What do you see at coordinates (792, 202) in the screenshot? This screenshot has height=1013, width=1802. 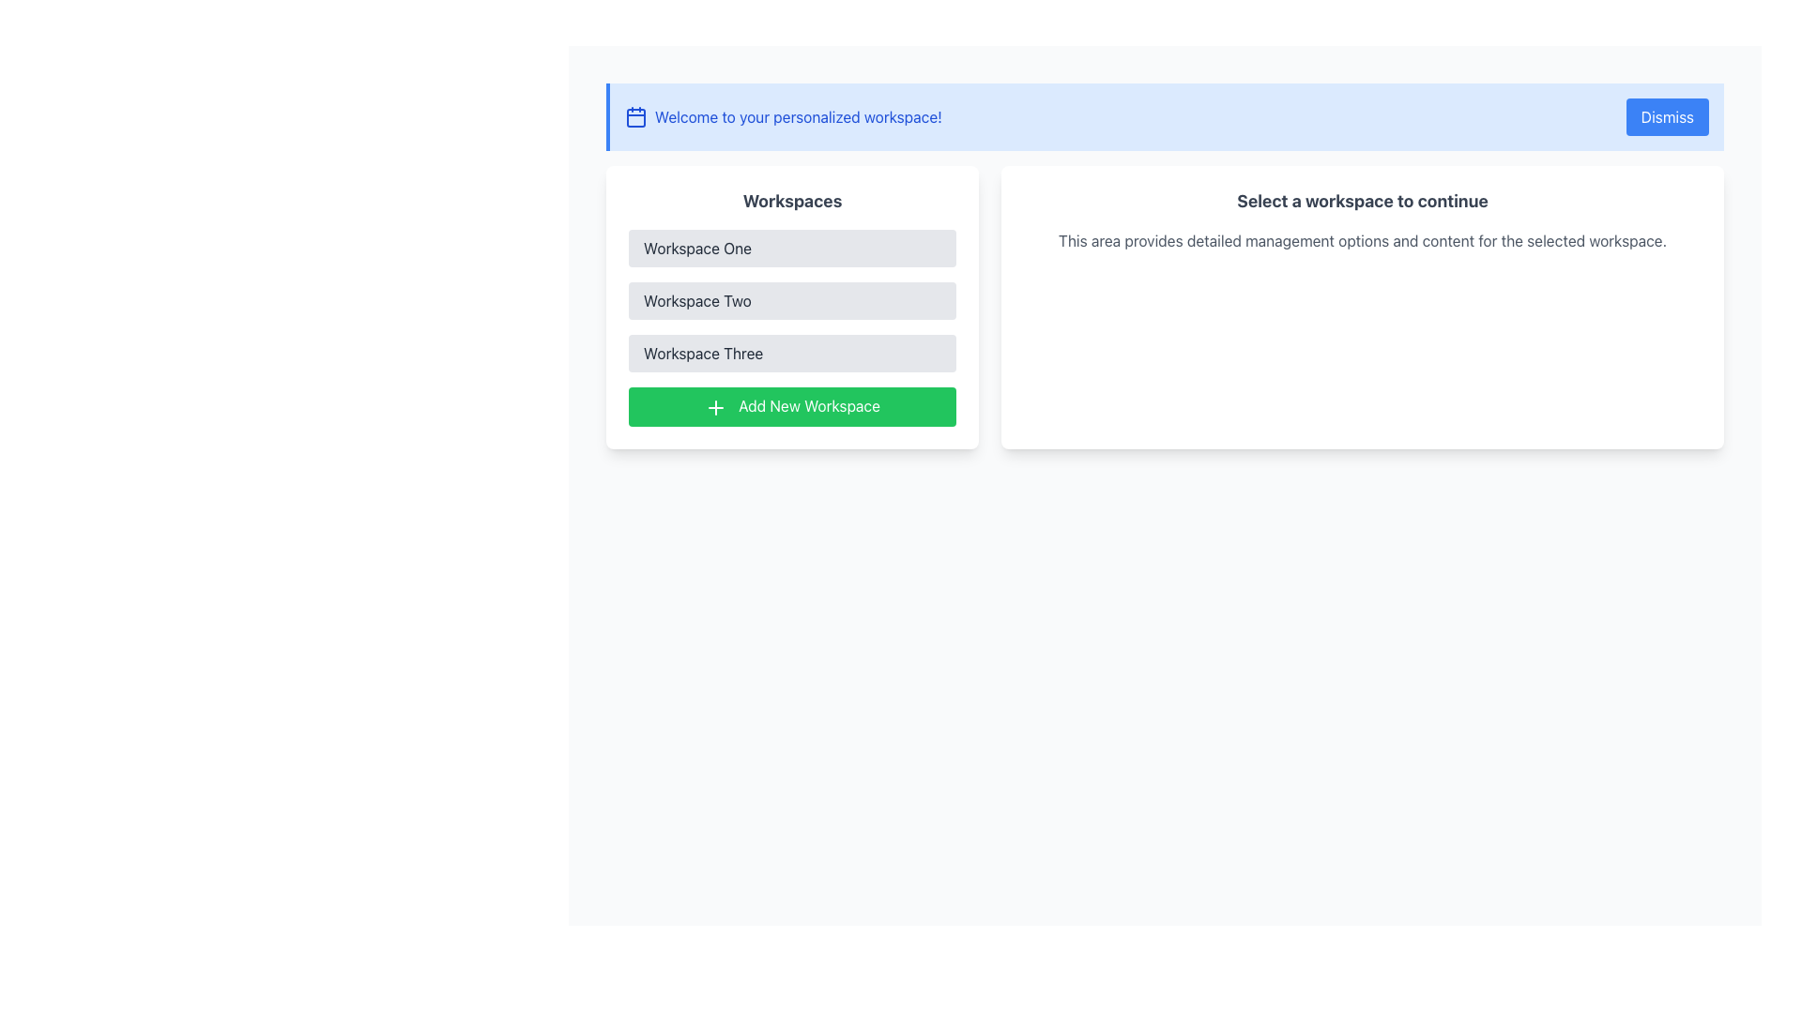 I see `the bold, gray-colored text label displaying 'Workspaces' at the top of the white rounded rectangular card` at bounding box center [792, 202].